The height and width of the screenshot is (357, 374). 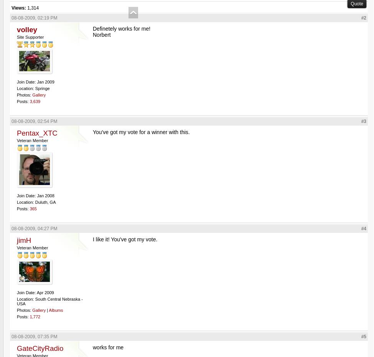 What do you see at coordinates (12, 7) in the screenshot?
I see `'Views:'` at bounding box center [12, 7].